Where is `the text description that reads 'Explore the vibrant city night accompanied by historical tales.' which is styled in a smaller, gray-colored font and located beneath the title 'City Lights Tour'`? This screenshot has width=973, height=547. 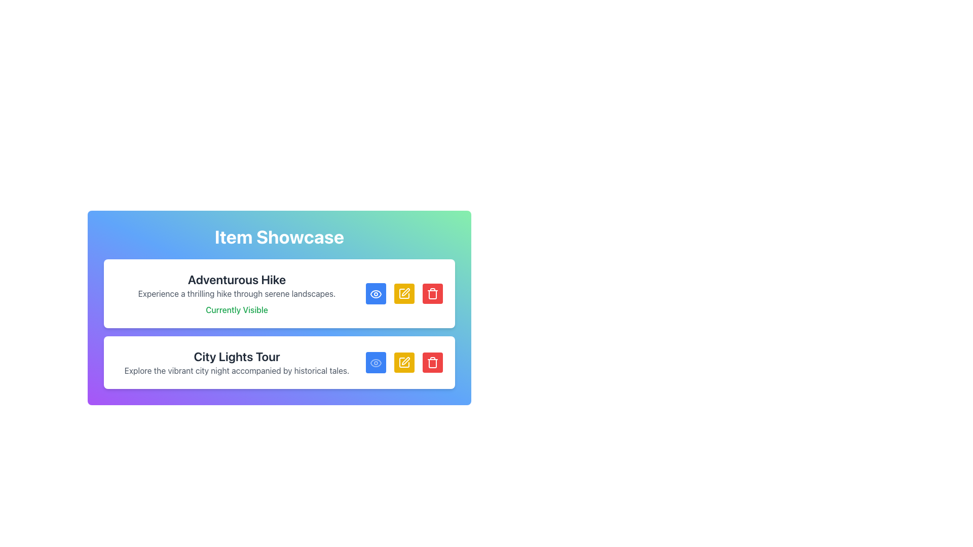
the text description that reads 'Explore the vibrant city night accompanied by historical tales.' which is styled in a smaller, gray-colored font and located beneath the title 'City Lights Tour' is located at coordinates (236, 371).